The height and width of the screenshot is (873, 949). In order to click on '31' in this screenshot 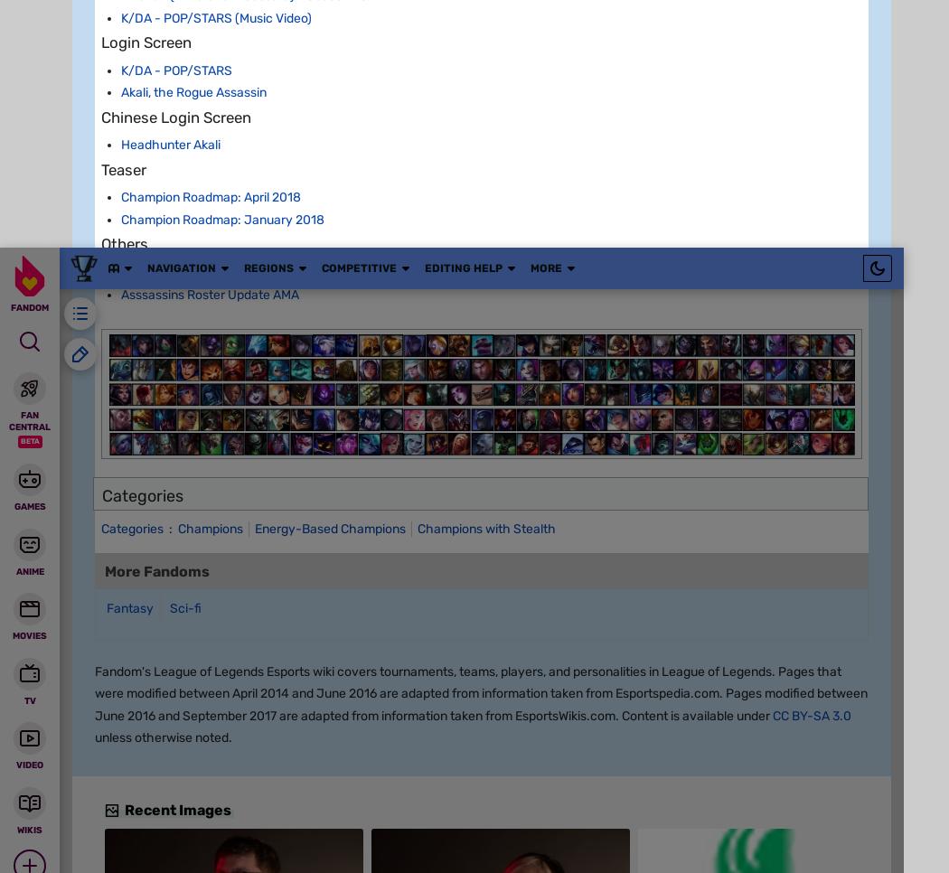, I will do `click(283, 691)`.